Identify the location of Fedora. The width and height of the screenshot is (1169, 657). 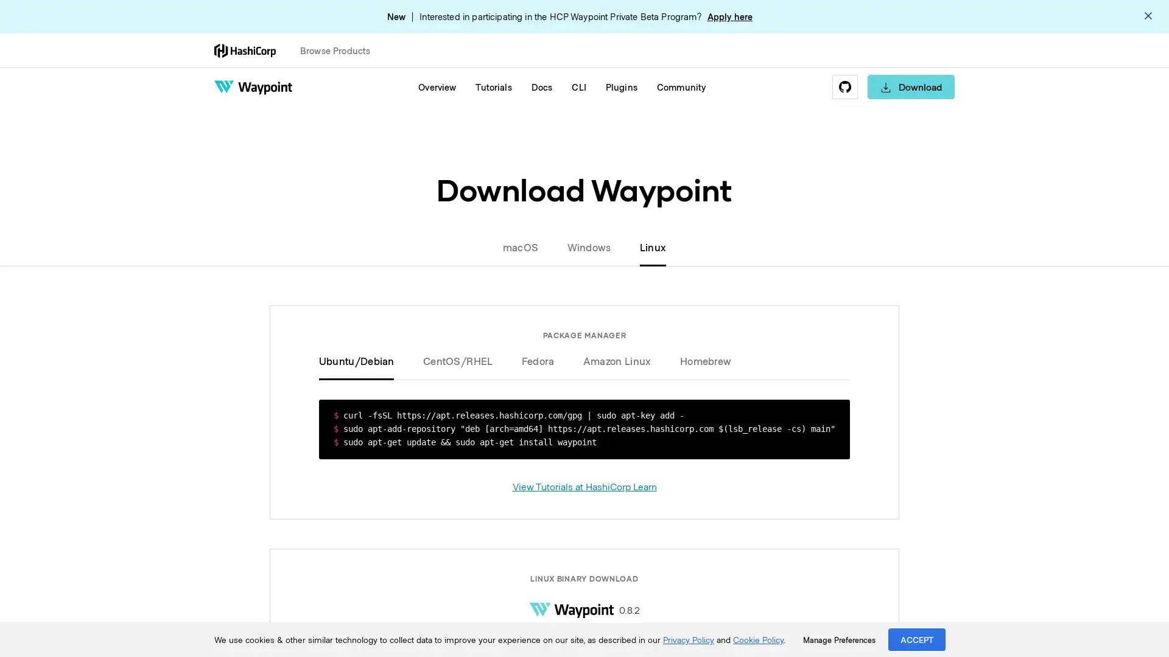
(537, 360).